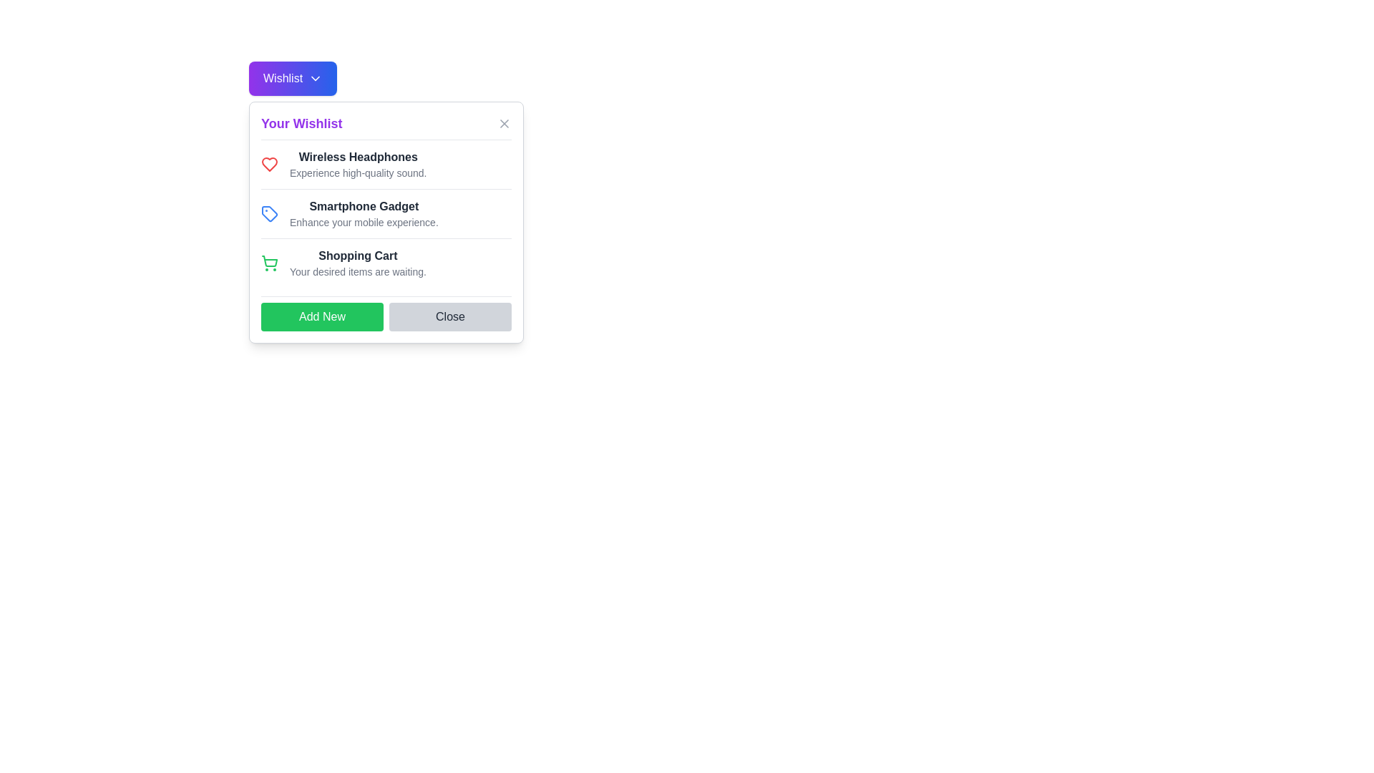  What do you see at coordinates (358, 263) in the screenshot?
I see `the text block representing the wishlist item 'Shopping Cart' located in the popup window labeled 'Your Wishlist', which is the third item in a vertical list` at bounding box center [358, 263].